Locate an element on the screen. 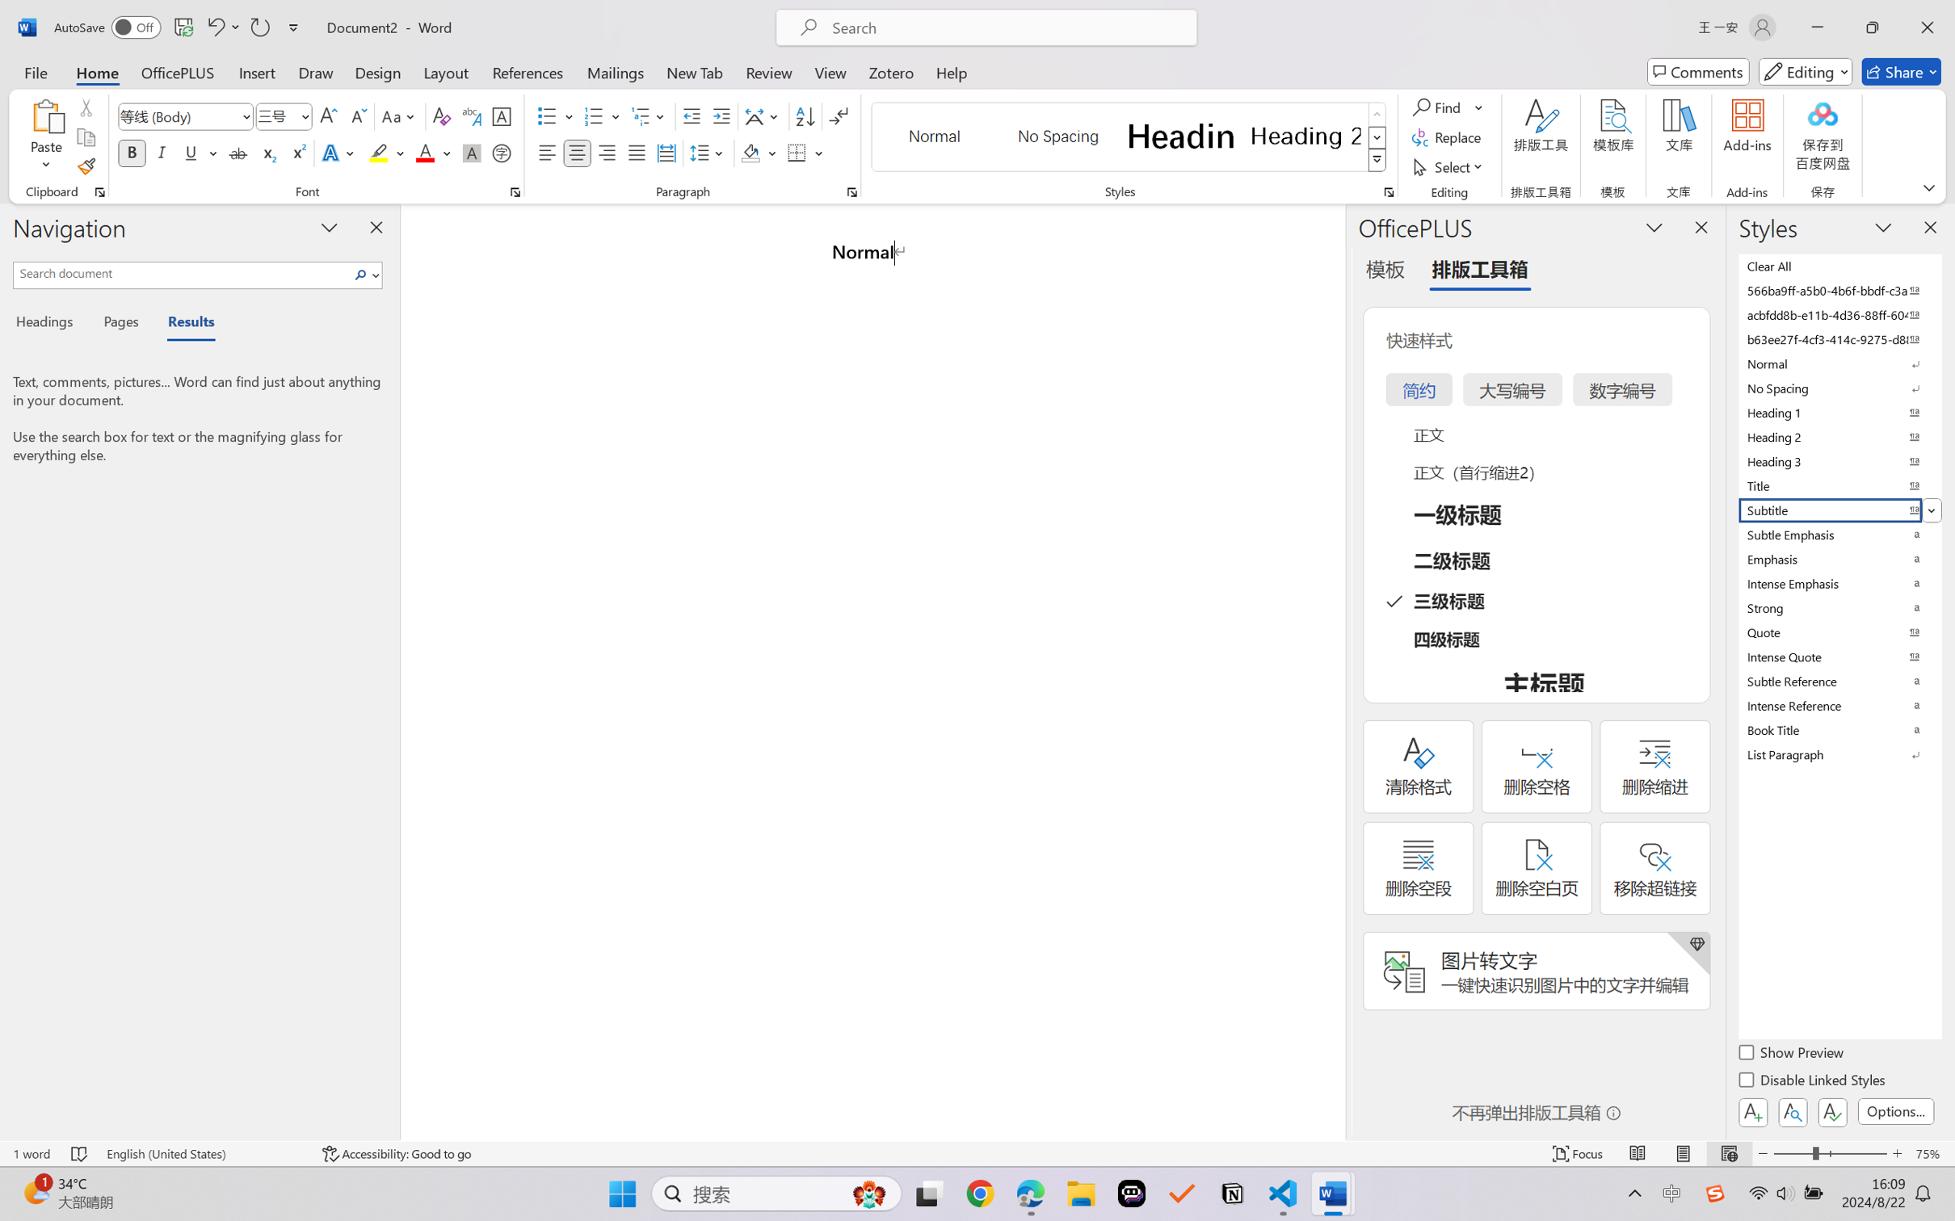 The height and width of the screenshot is (1221, 1955). 'Disable Linked Styles' is located at coordinates (1812, 1081).